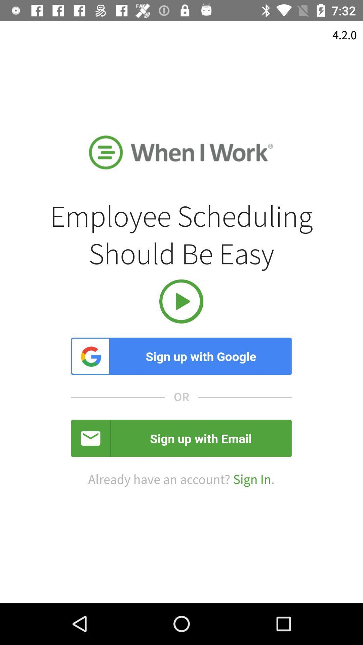 This screenshot has height=645, width=363. Describe the element at coordinates (345, 35) in the screenshot. I see `the icon above employee scheduling should` at that location.